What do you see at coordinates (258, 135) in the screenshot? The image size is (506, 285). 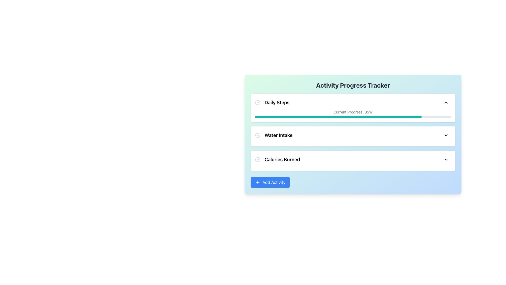 I see `the circular gray icon with a checkmark in the center, located to the left of the 'Water Intake' text in the 'Activity Progress Tracker' widget` at bounding box center [258, 135].